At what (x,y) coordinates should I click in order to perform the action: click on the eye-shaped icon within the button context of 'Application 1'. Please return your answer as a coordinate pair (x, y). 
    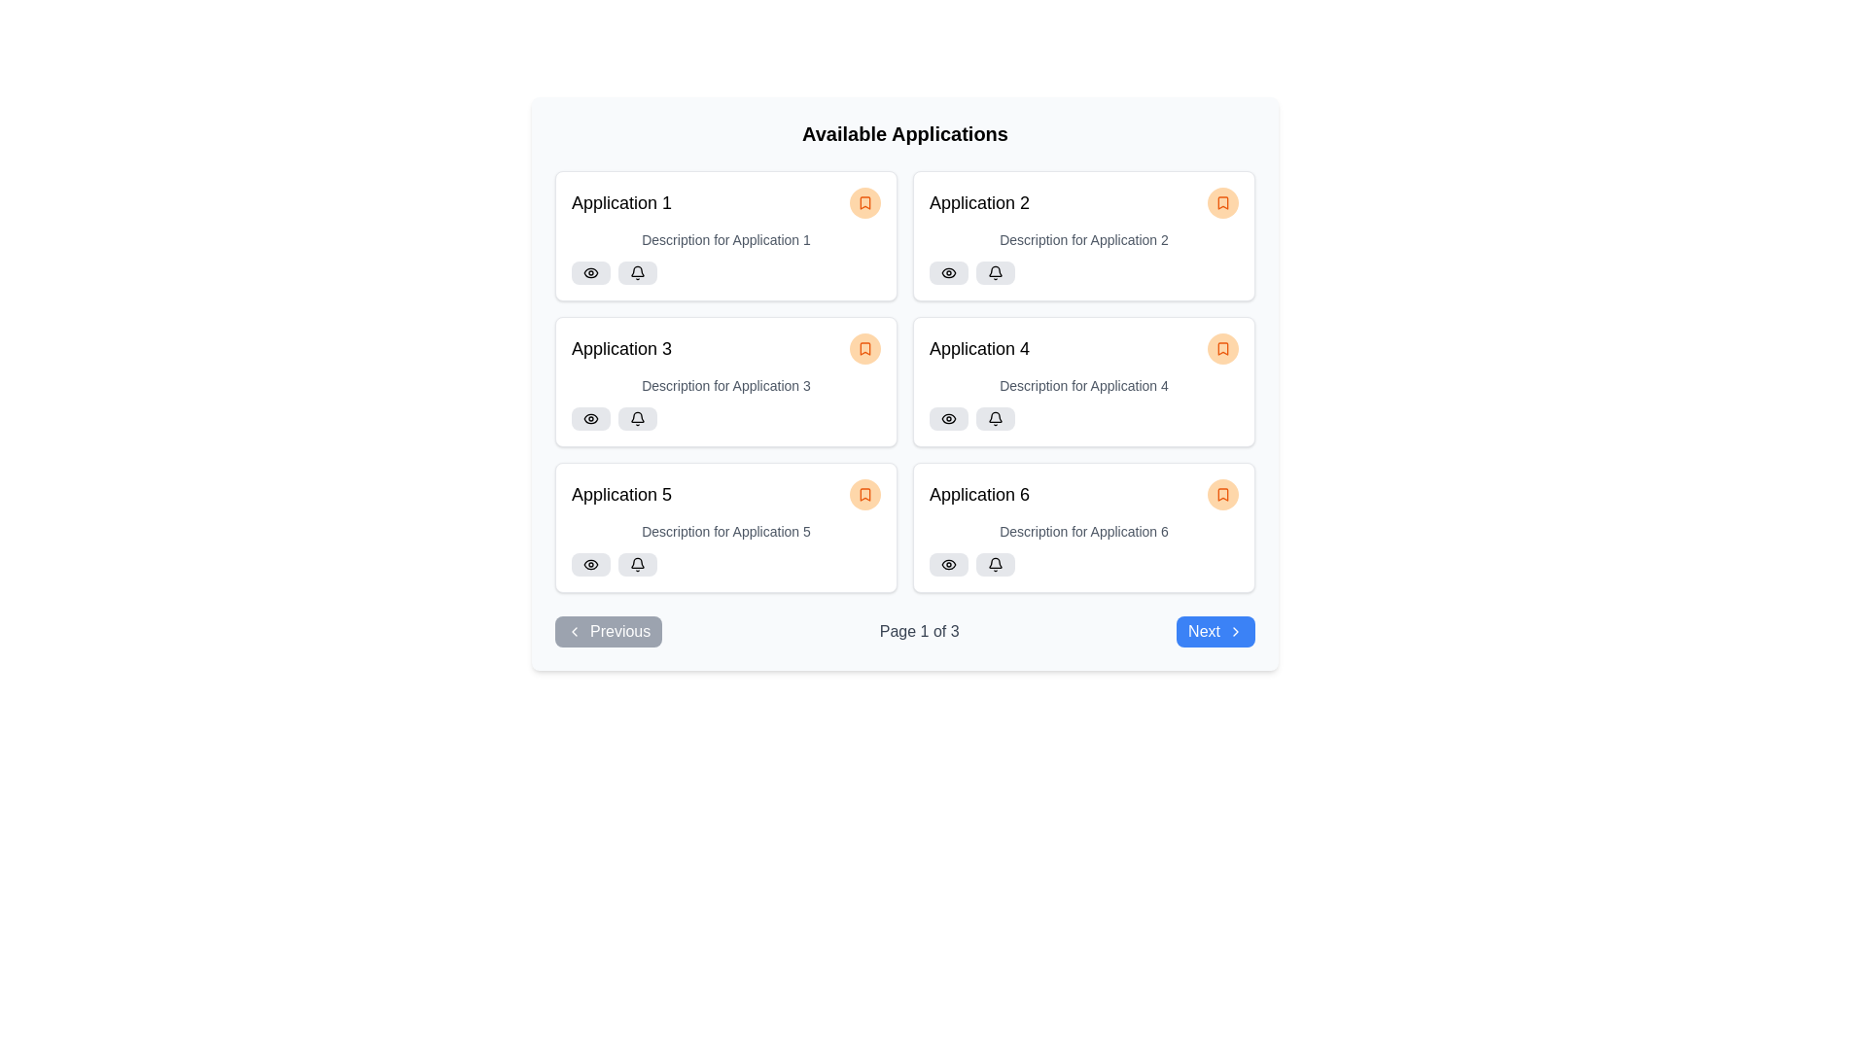
    Looking at the image, I should click on (590, 273).